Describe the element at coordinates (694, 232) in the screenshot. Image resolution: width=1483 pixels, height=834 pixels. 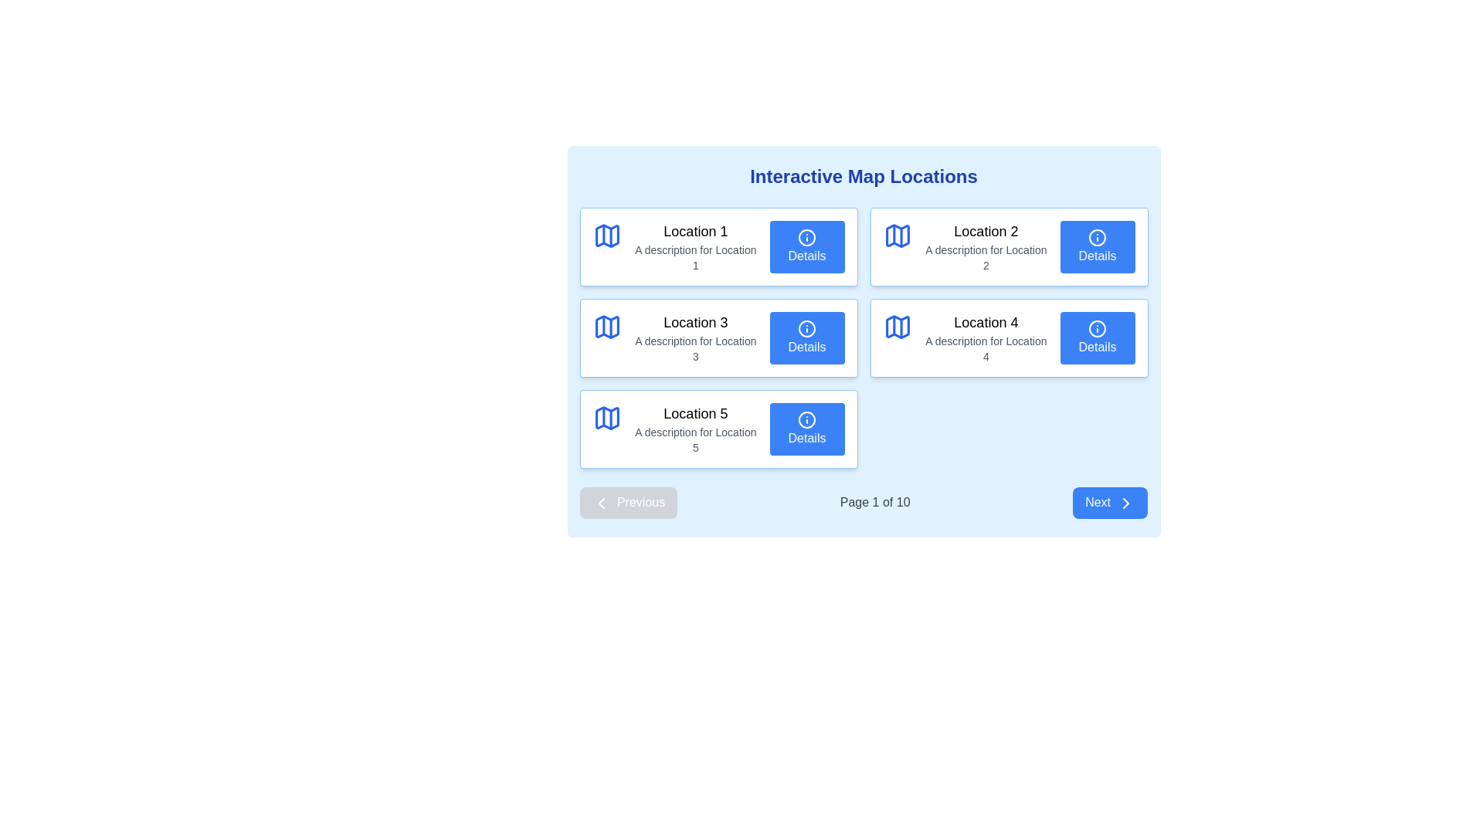
I see `the text label reading 'Location 1', which is styled with a larger font size and bold emphasis, located in the top-left corner of a 2x3 grid layout` at that location.